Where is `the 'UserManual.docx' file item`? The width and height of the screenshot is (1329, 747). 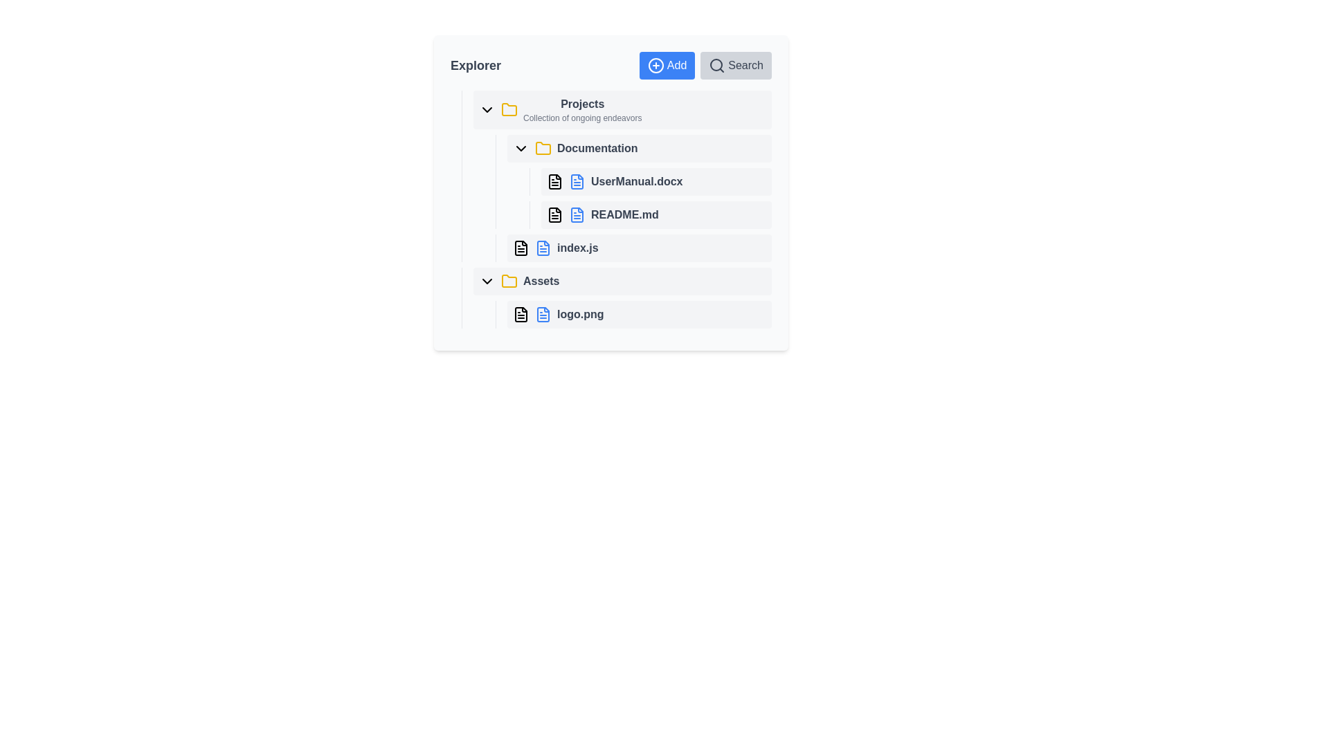 the 'UserManual.docx' file item is located at coordinates (656, 181).